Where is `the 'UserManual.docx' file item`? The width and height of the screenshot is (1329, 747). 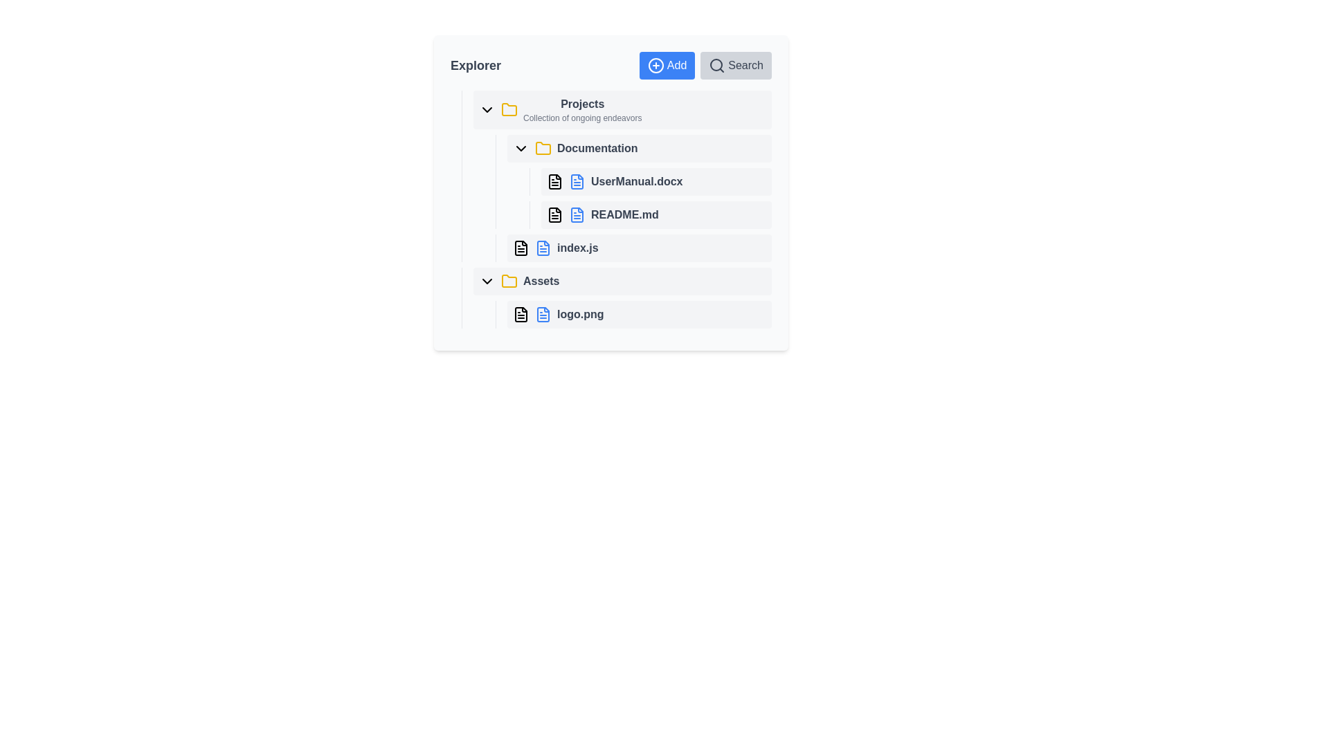 the 'UserManual.docx' file item is located at coordinates (656, 181).